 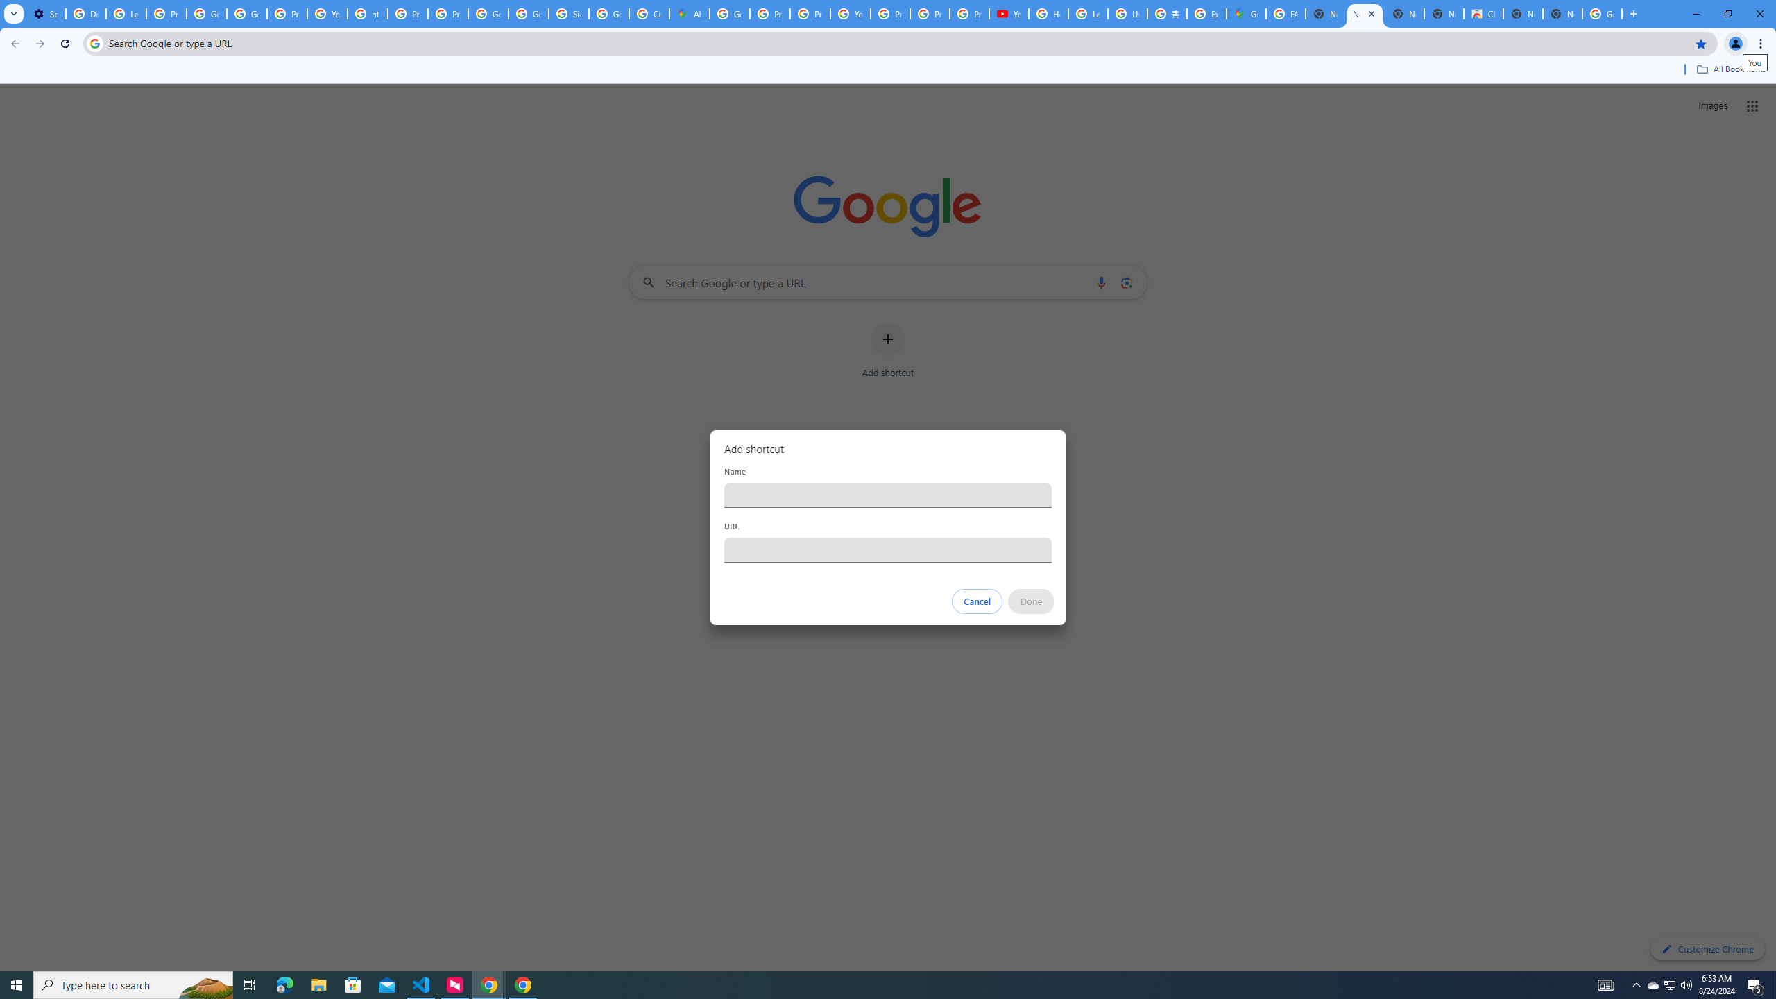 I want to click on 'YouTube', so click(x=1009, y=13).